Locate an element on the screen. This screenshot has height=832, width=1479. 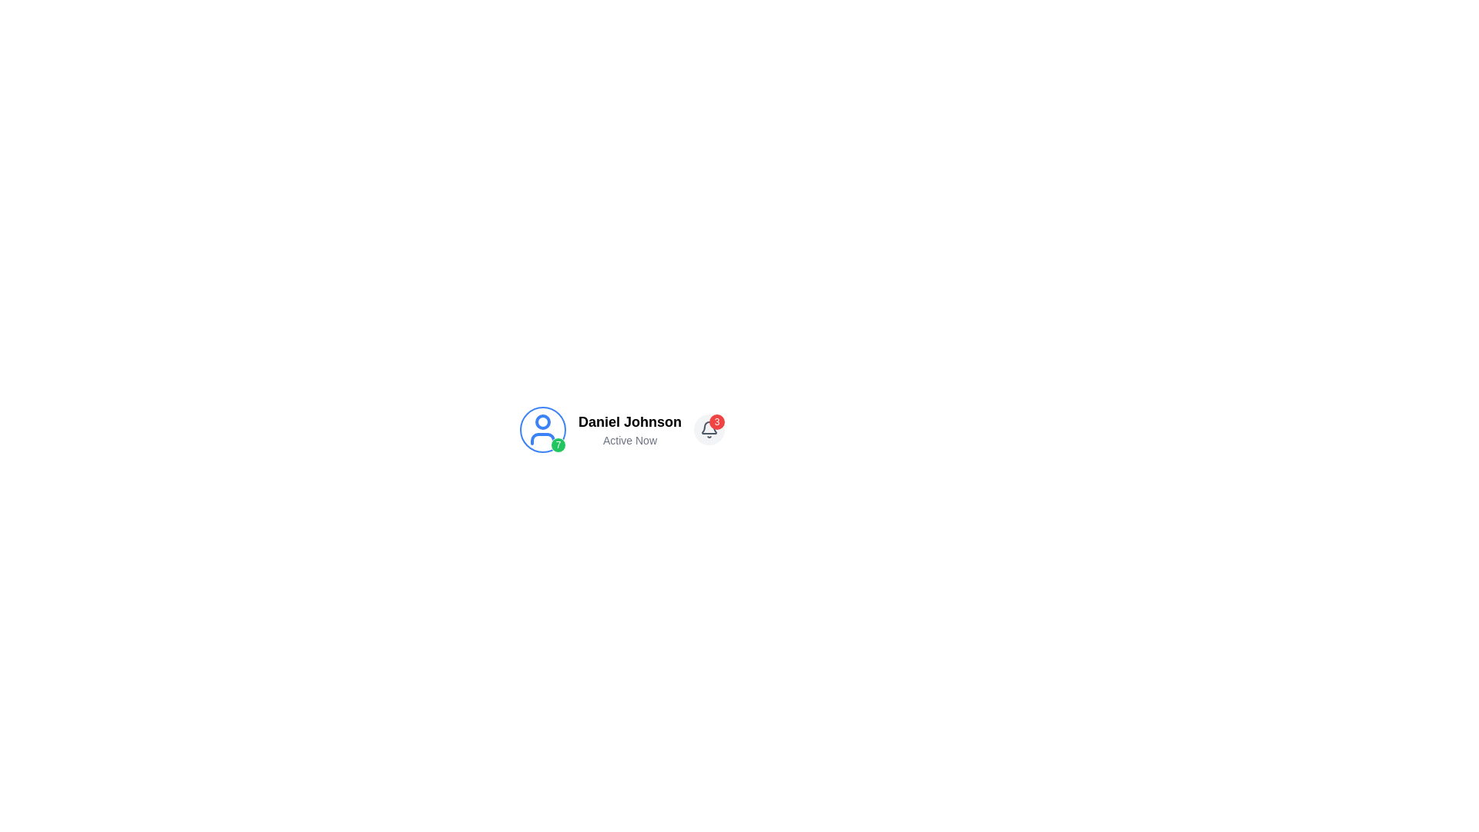
the lower part of the vector graphic element representing the user's profile icon, which is located below the circular outline and to the left of the user's name and status is located at coordinates (543, 439).